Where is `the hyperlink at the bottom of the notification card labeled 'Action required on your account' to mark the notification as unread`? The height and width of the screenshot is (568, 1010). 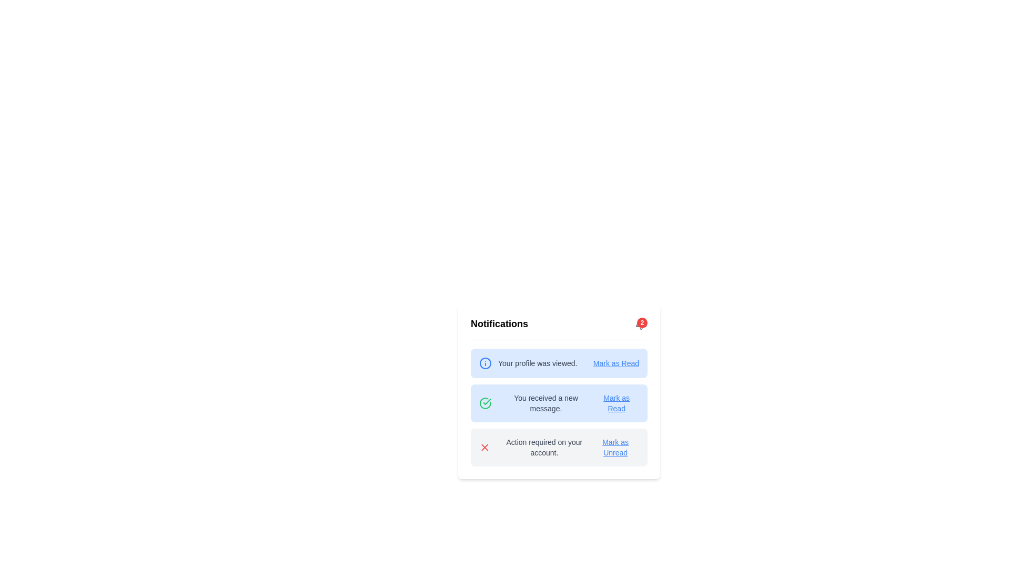 the hyperlink at the bottom of the notification card labeled 'Action required on your account' to mark the notification as unread is located at coordinates (615, 448).